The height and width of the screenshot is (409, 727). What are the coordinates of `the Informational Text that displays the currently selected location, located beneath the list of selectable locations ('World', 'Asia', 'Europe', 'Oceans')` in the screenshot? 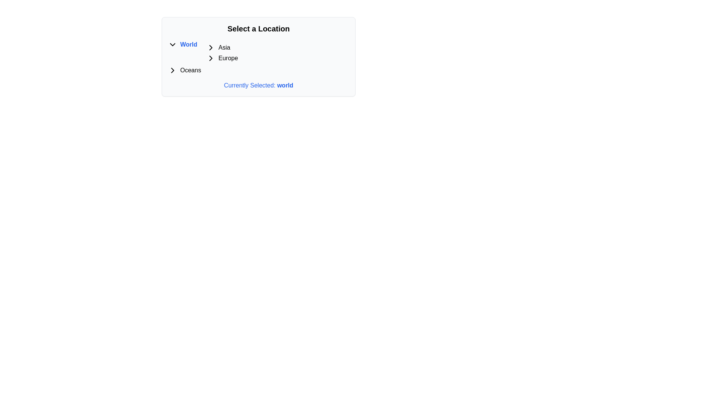 It's located at (258, 85).